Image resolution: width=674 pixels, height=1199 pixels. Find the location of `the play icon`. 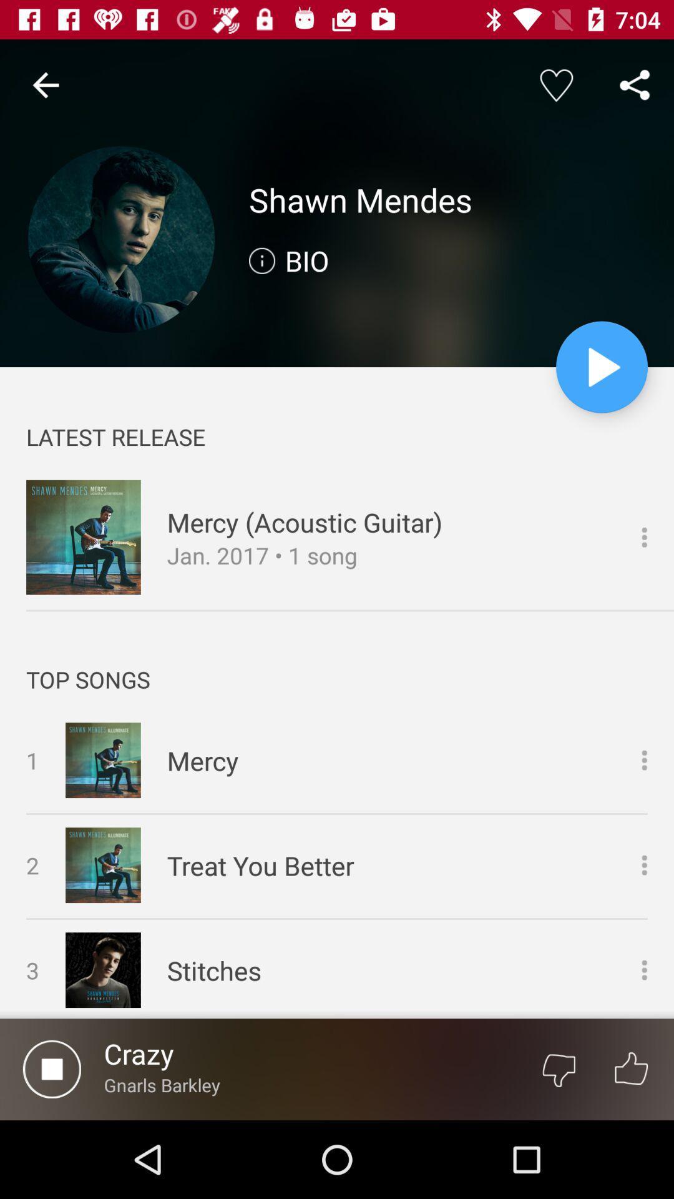

the play icon is located at coordinates (601, 367).